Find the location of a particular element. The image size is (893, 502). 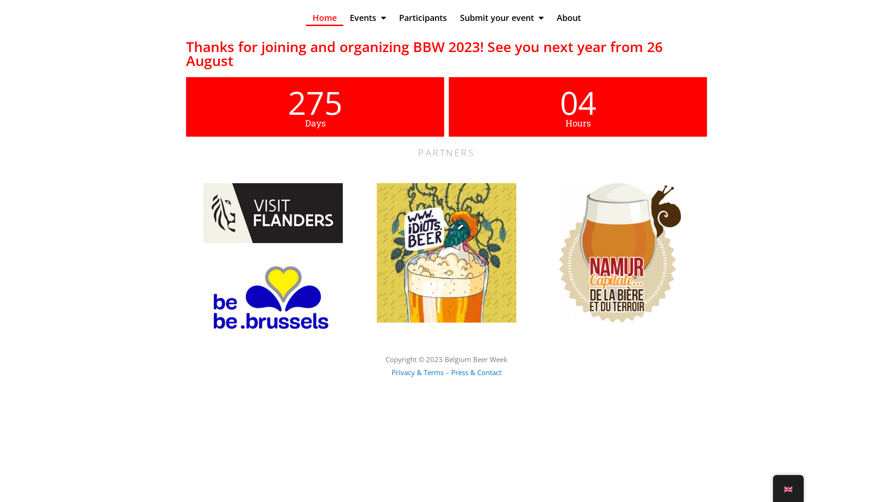

'About' is located at coordinates (568, 18).